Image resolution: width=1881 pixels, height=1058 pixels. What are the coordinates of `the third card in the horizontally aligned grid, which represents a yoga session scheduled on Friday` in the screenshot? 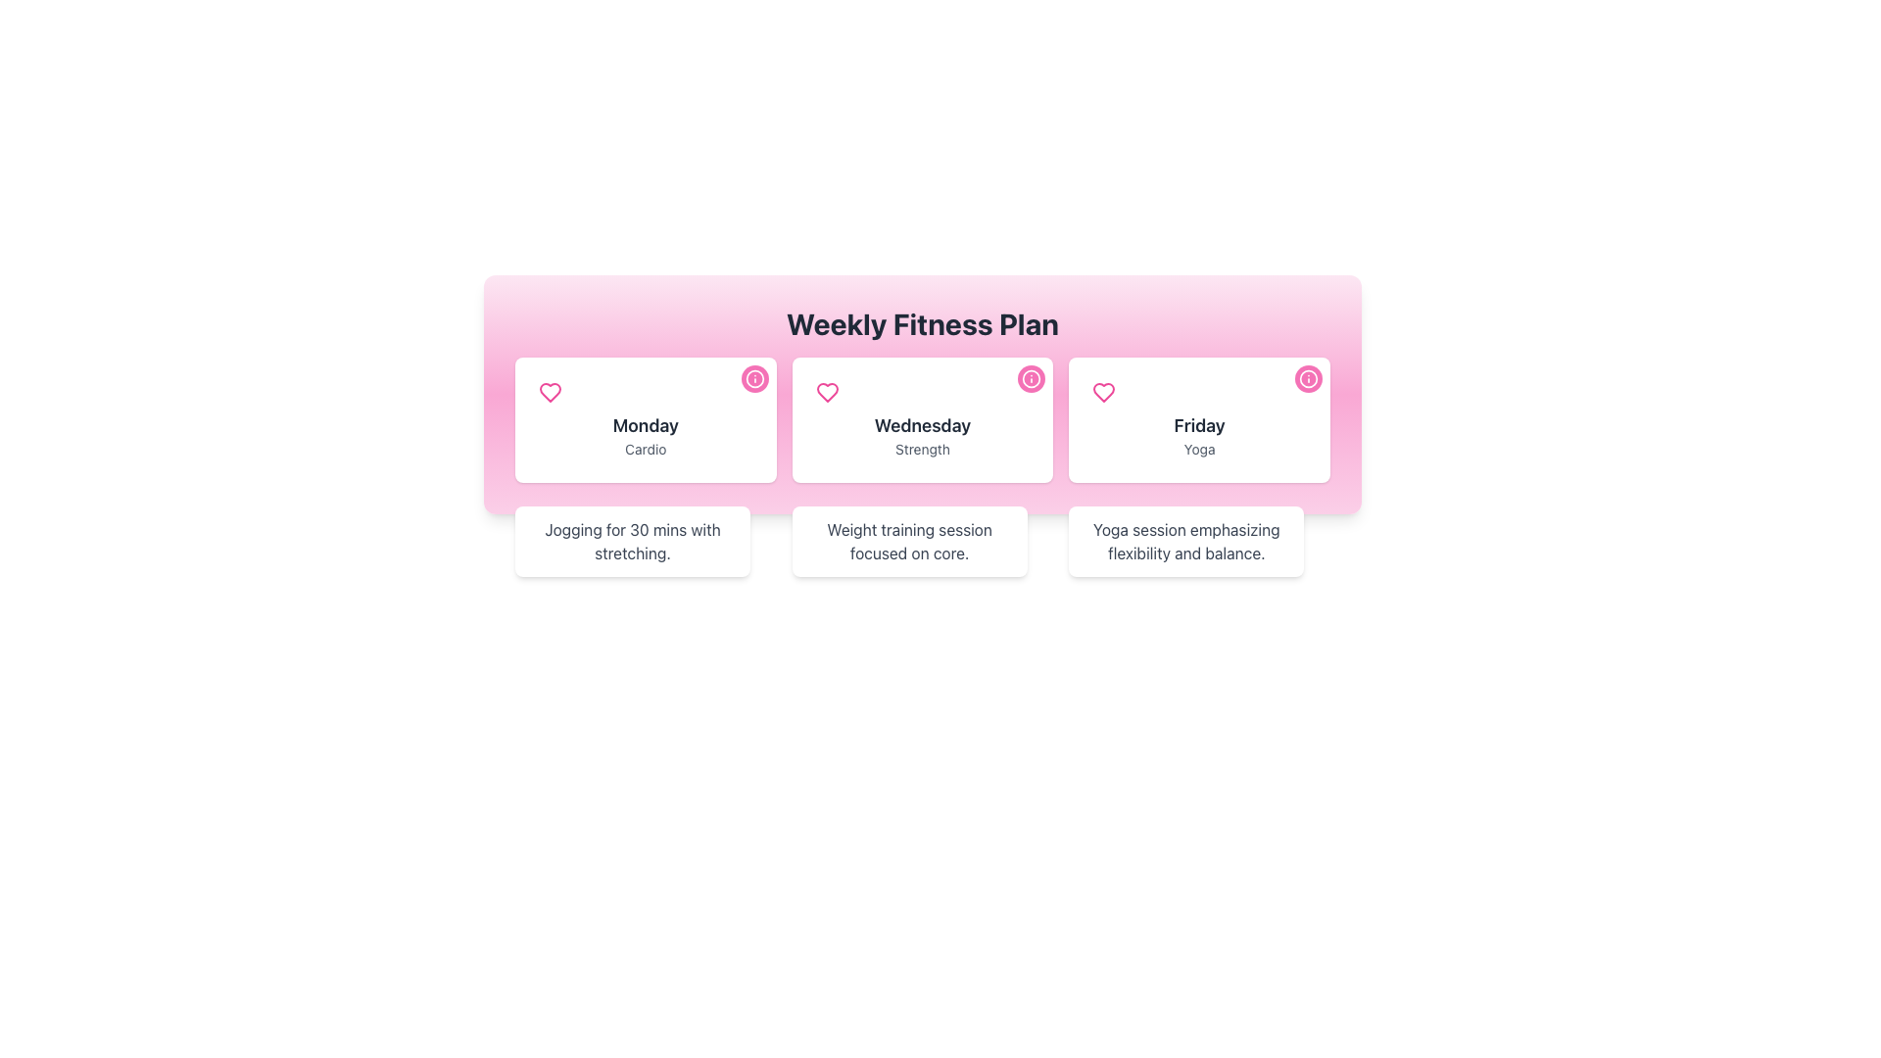 It's located at (1198, 418).